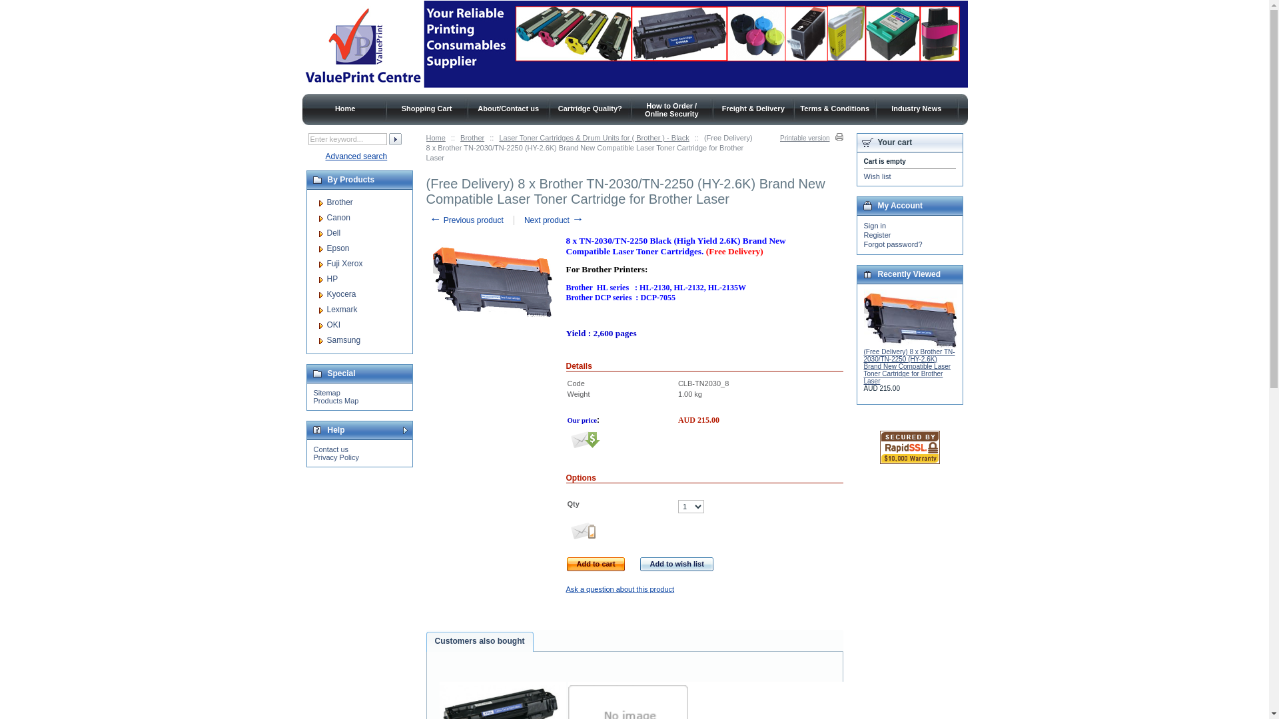 The width and height of the screenshot is (1279, 719). I want to click on 'Cartridge Quality?', so click(590, 107).